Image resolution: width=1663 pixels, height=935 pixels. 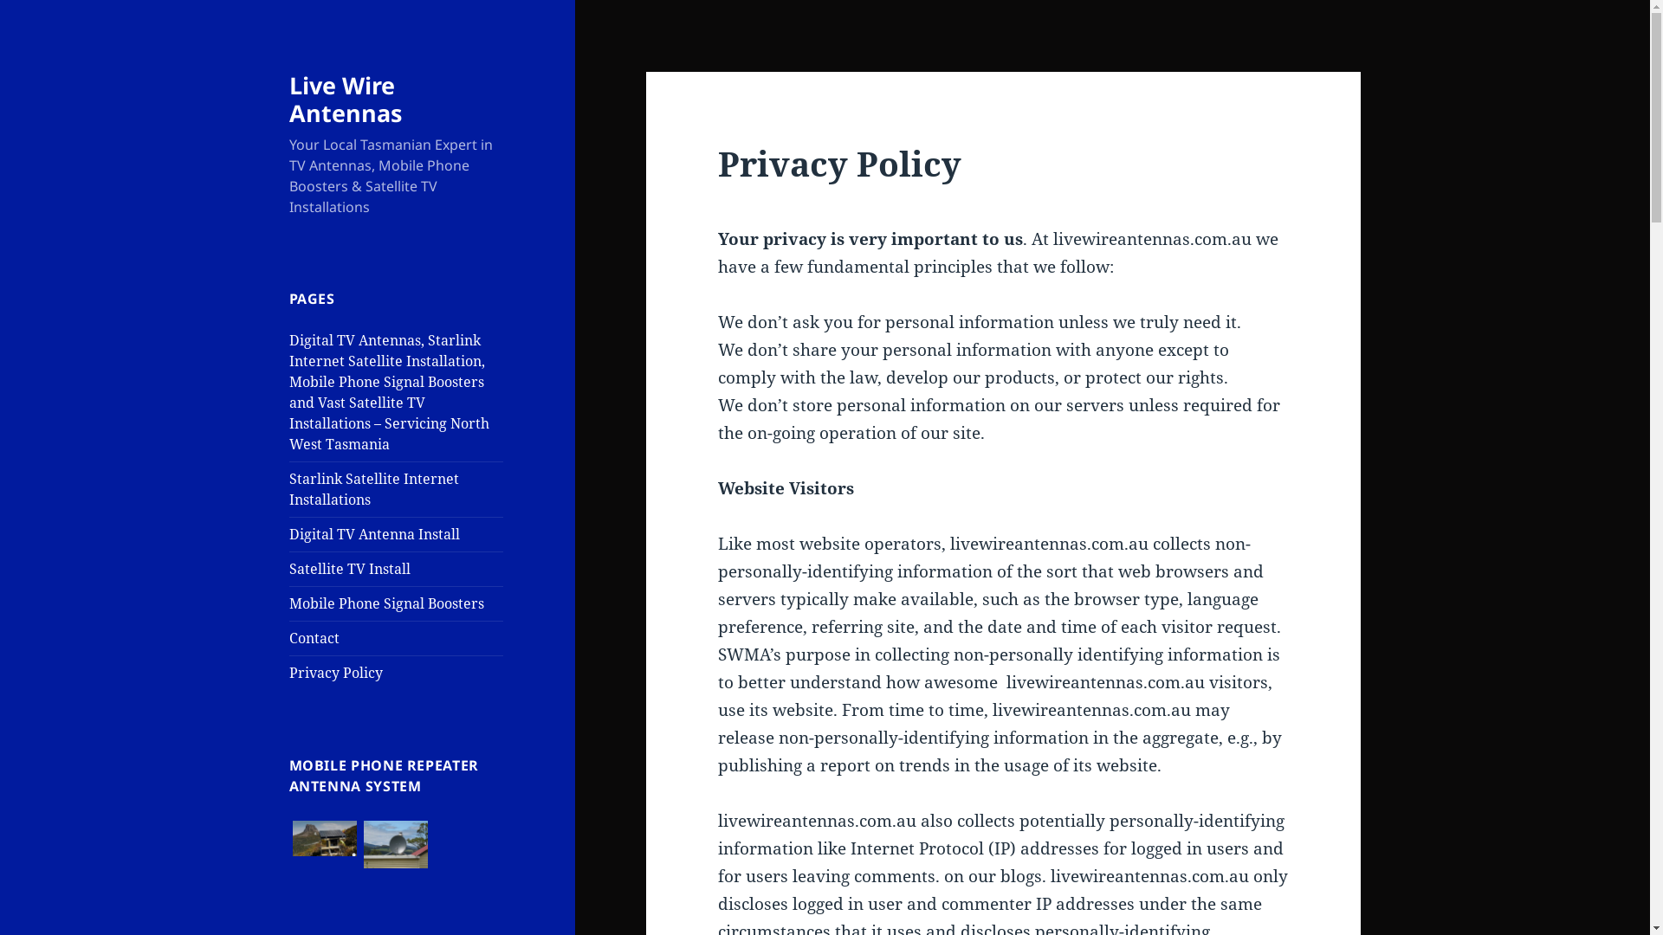 What do you see at coordinates (289, 99) in the screenshot?
I see `'Live Wire Antennas'` at bounding box center [289, 99].